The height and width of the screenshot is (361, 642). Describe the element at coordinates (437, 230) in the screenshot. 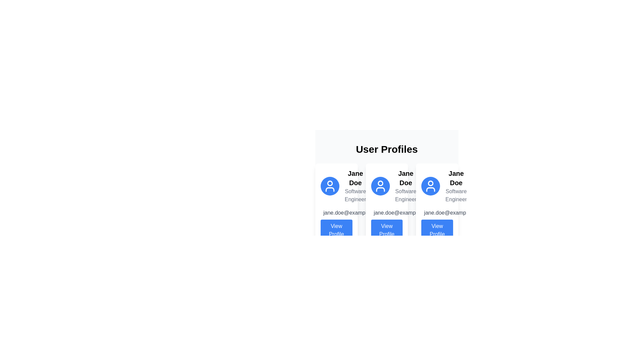

I see `the 'View Profile' button with a blue background and white text at the bottom right of the user profile card` at that location.